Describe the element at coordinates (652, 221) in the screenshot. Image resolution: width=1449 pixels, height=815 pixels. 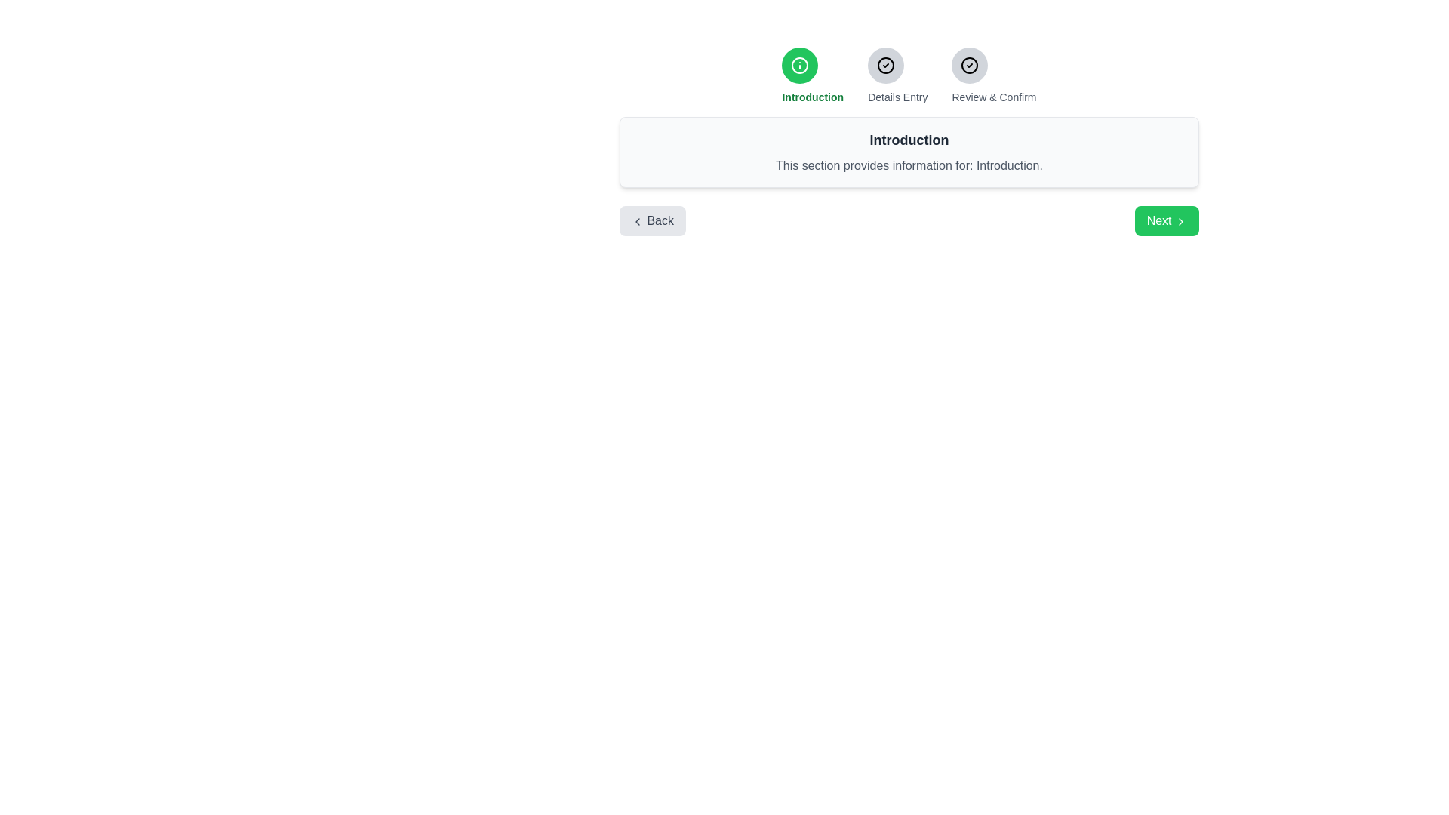
I see `the Back Button to check for hover effects` at that location.